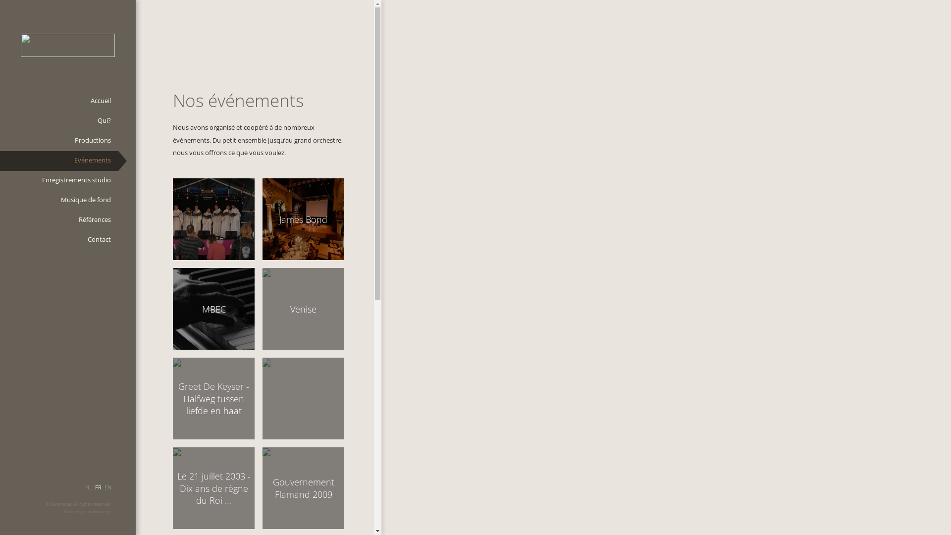  What do you see at coordinates (0, 121) in the screenshot?
I see `'Qui?'` at bounding box center [0, 121].